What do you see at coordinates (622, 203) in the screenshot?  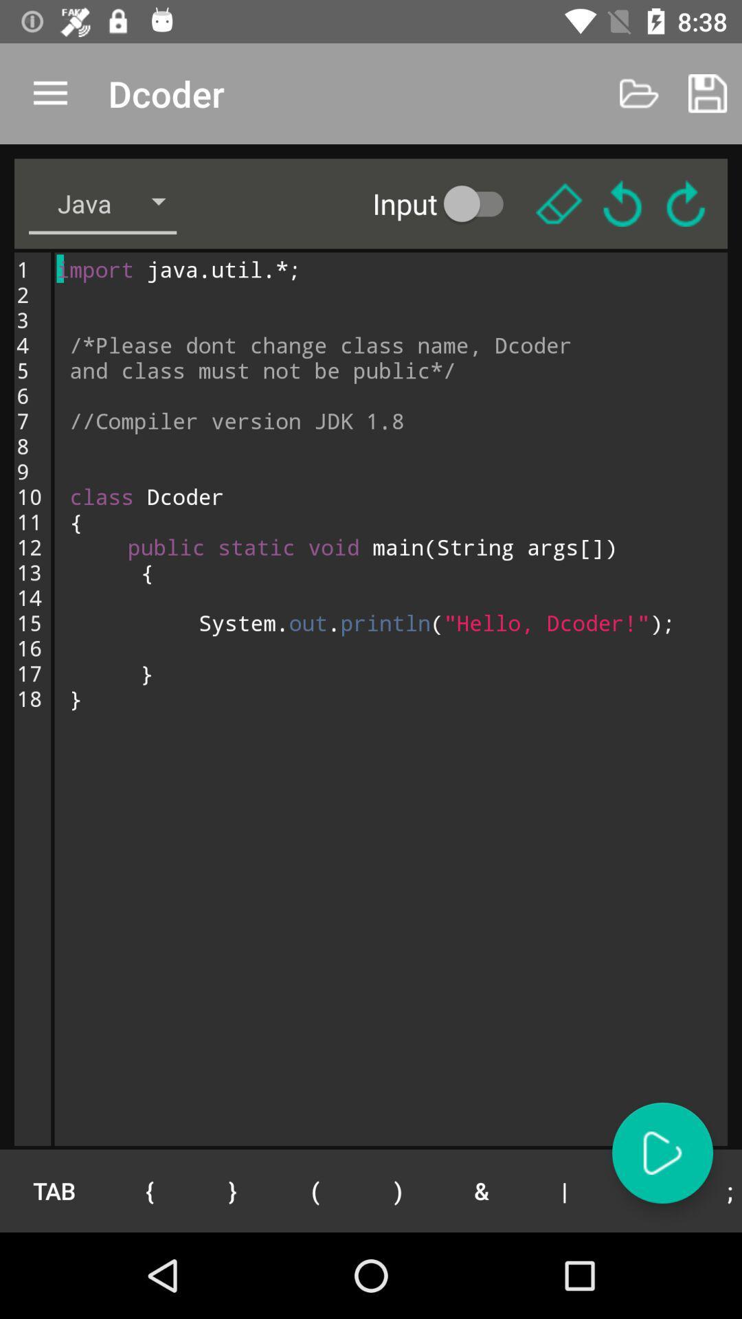 I see `previous` at bounding box center [622, 203].